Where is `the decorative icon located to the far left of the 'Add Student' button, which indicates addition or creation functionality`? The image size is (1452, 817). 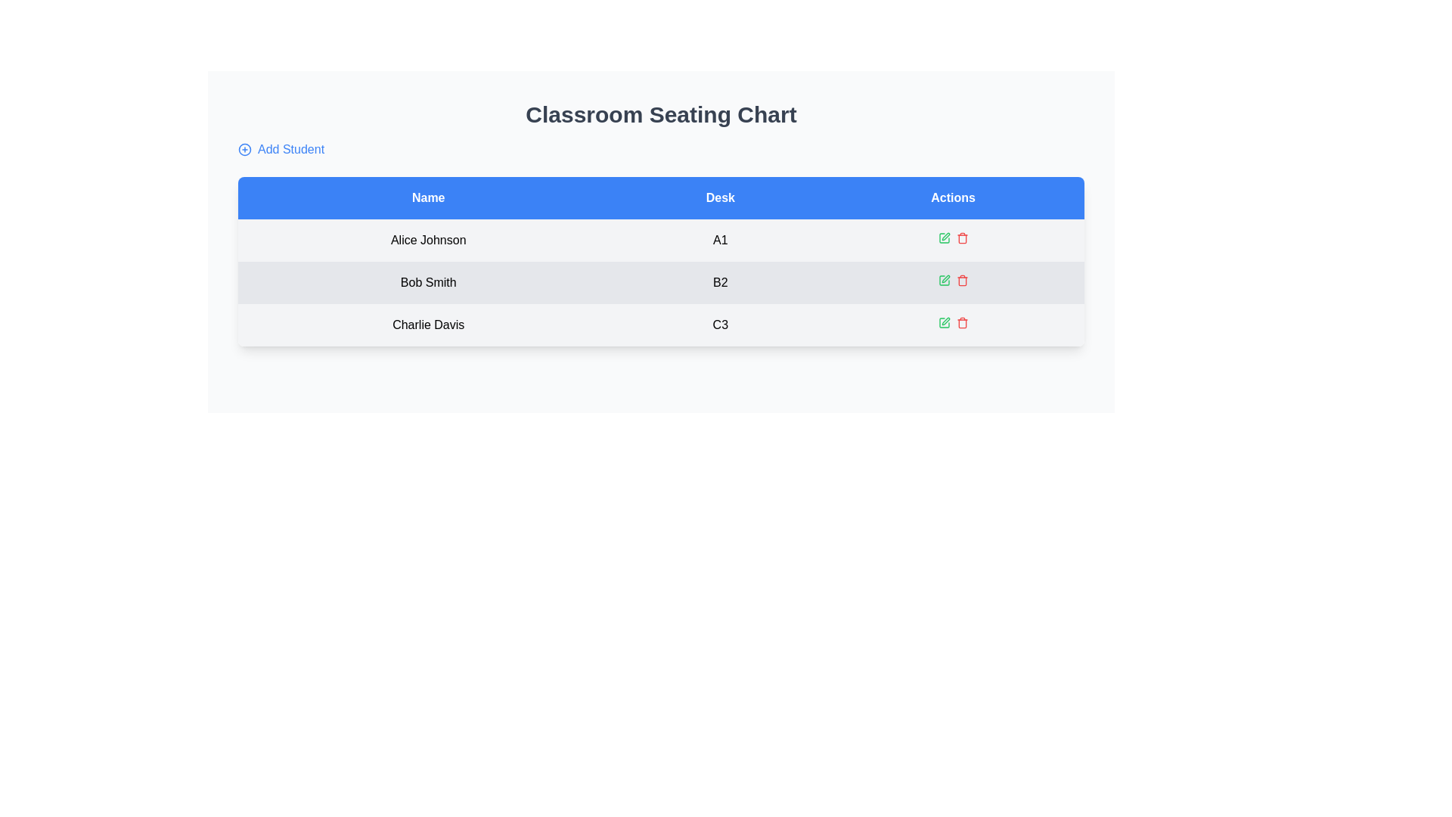 the decorative icon located to the far left of the 'Add Student' button, which indicates addition or creation functionality is located at coordinates (245, 149).